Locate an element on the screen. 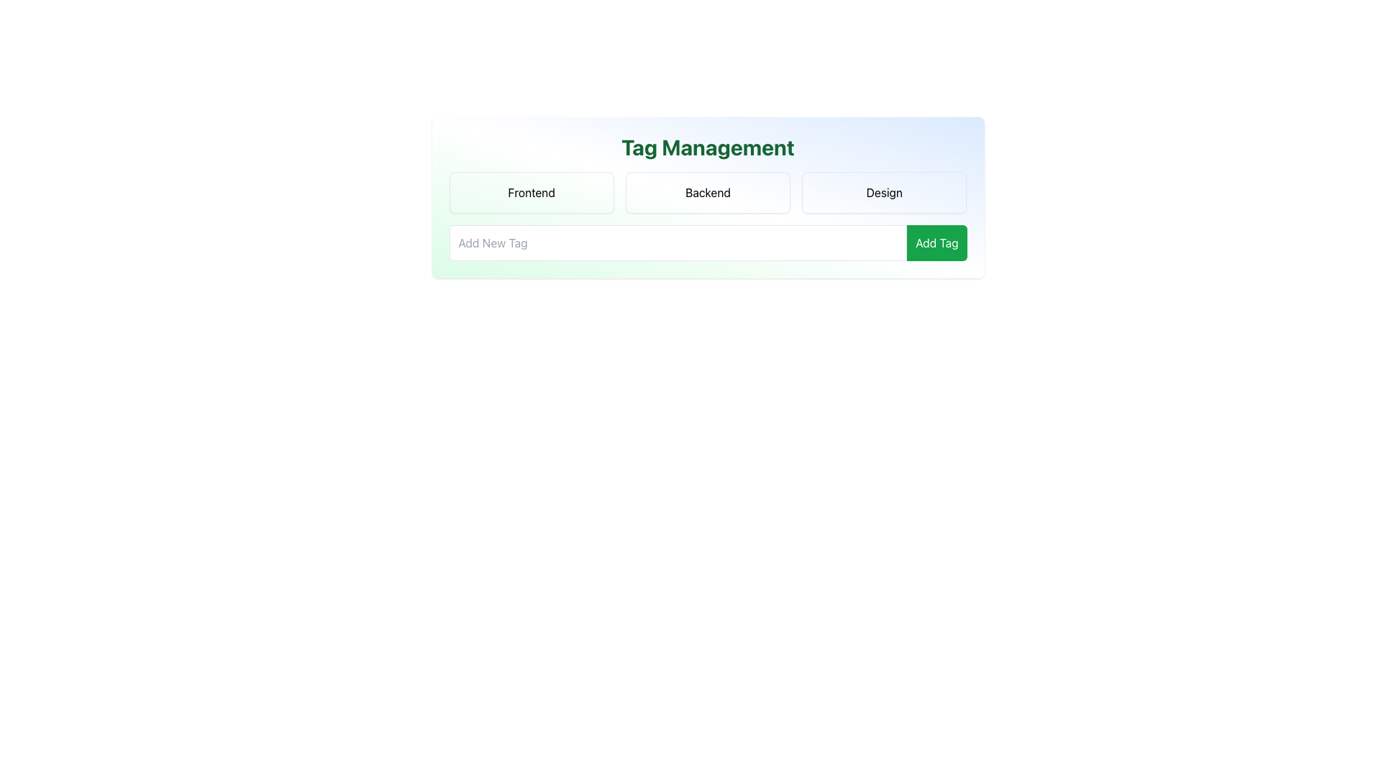 This screenshot has height=777, width=1381. the 'Frontend' tag card, which is the first card in the row of three cards under the title 'Tag Management' is located at coordinates (531, 191).